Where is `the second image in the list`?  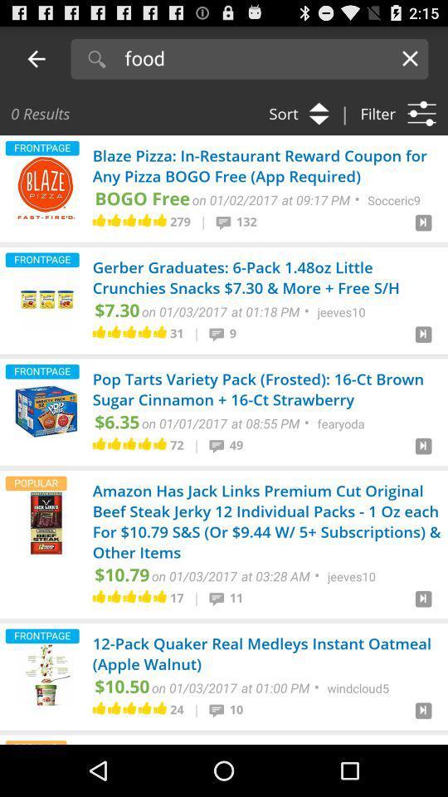 the second image in the list is located at coordinates (46, 299).